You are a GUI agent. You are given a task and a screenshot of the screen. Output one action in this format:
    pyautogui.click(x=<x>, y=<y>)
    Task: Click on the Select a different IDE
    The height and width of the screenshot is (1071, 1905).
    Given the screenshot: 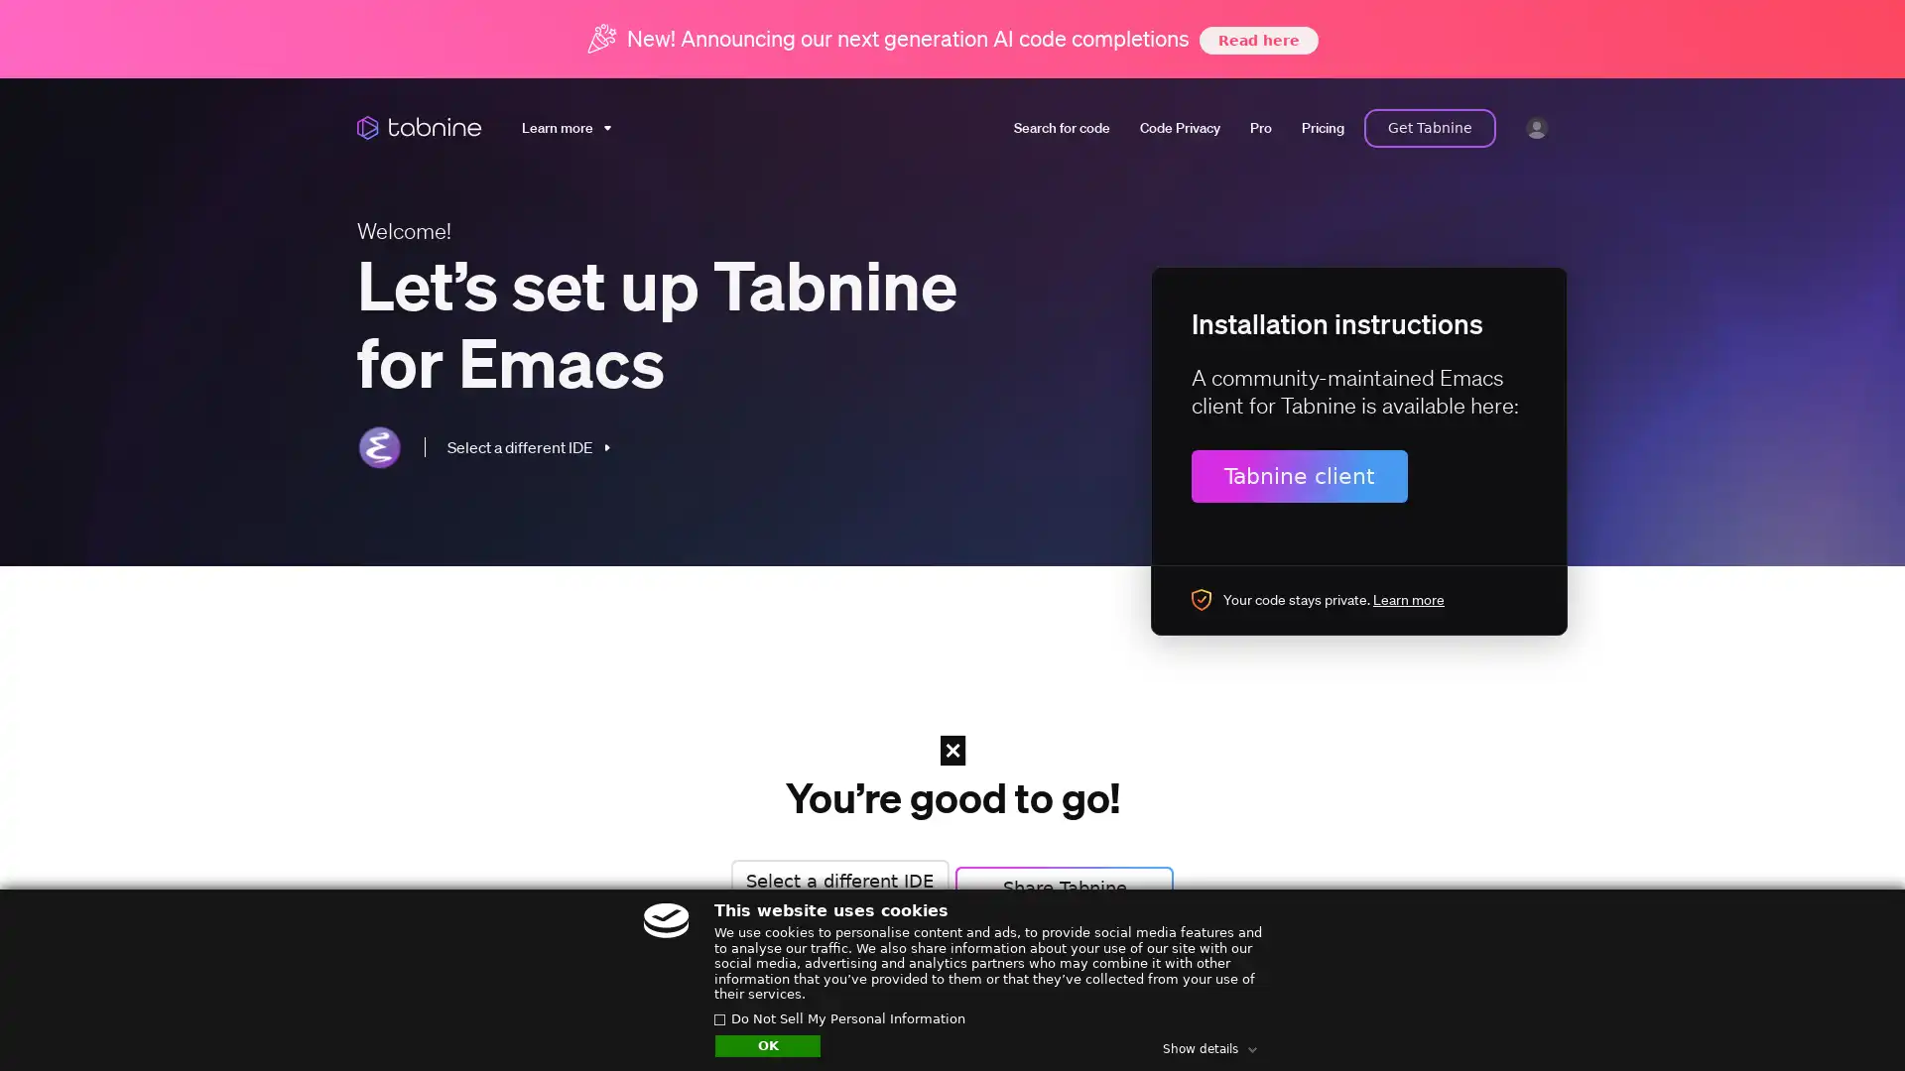 What is the action you would take?
    pyautogui.click(x=833, y=880)
    